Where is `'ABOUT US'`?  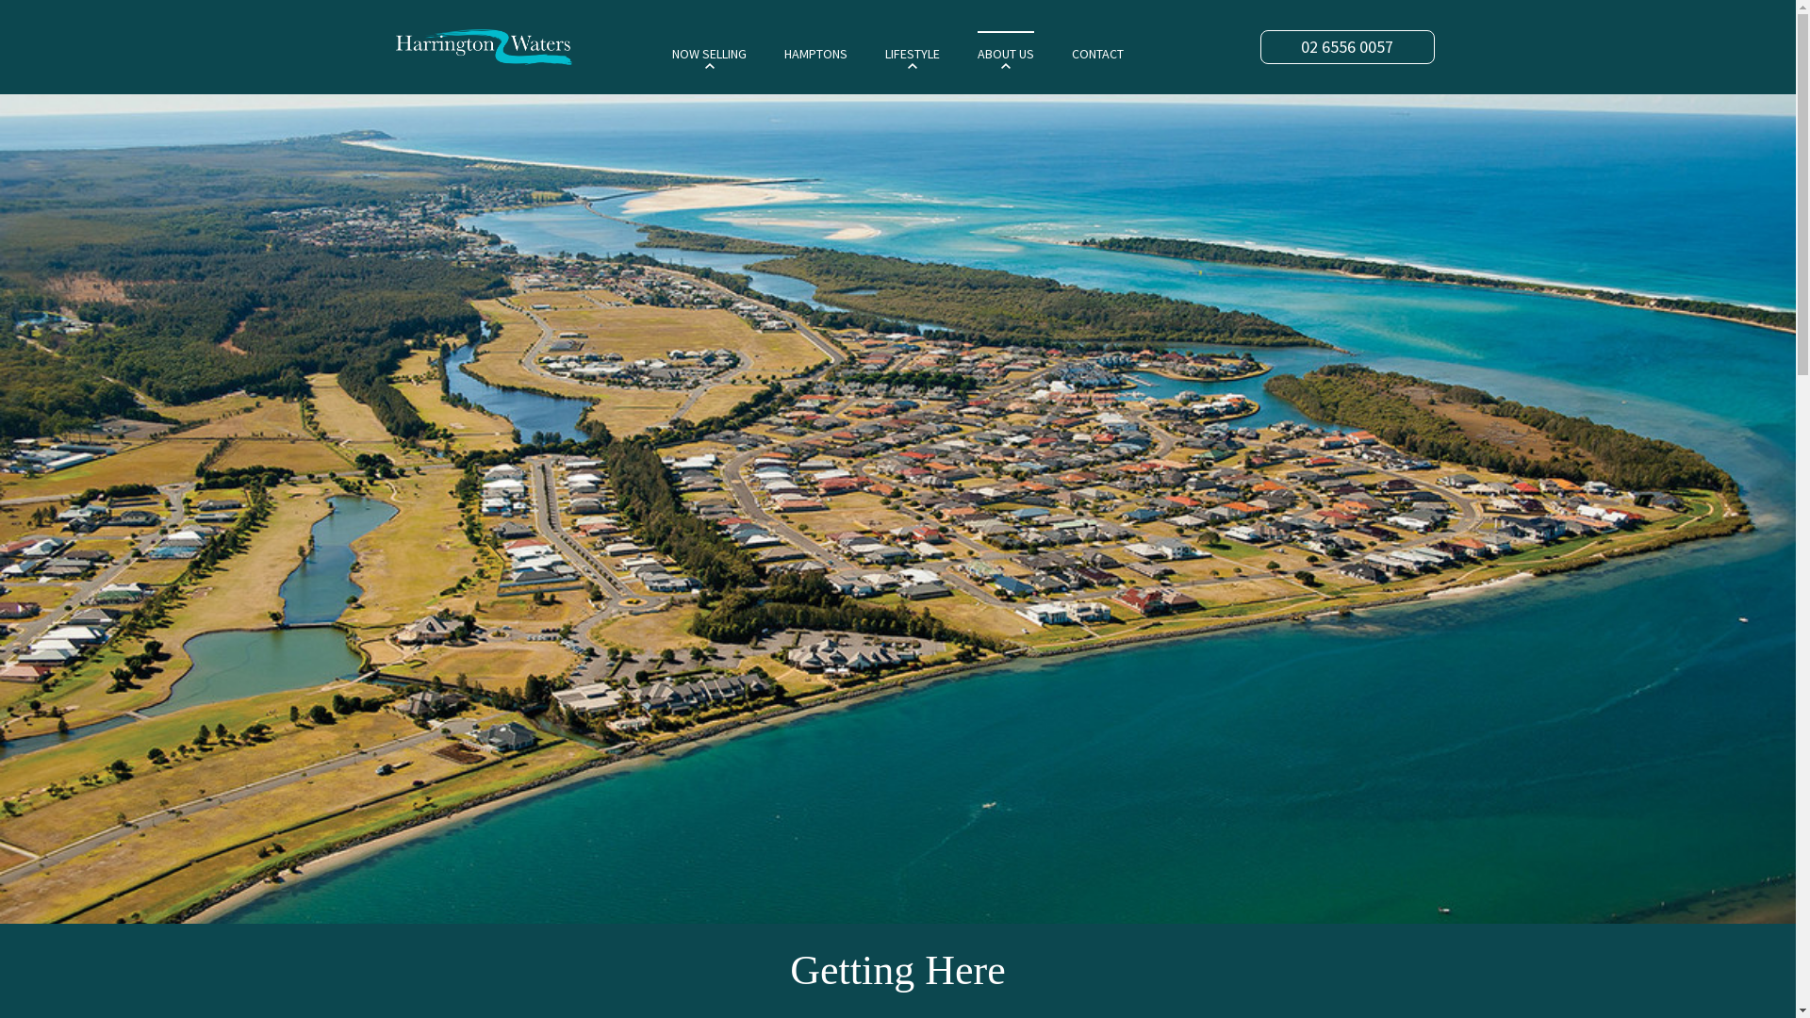
'ABOUT US' is located at coordinates (1004, 52).